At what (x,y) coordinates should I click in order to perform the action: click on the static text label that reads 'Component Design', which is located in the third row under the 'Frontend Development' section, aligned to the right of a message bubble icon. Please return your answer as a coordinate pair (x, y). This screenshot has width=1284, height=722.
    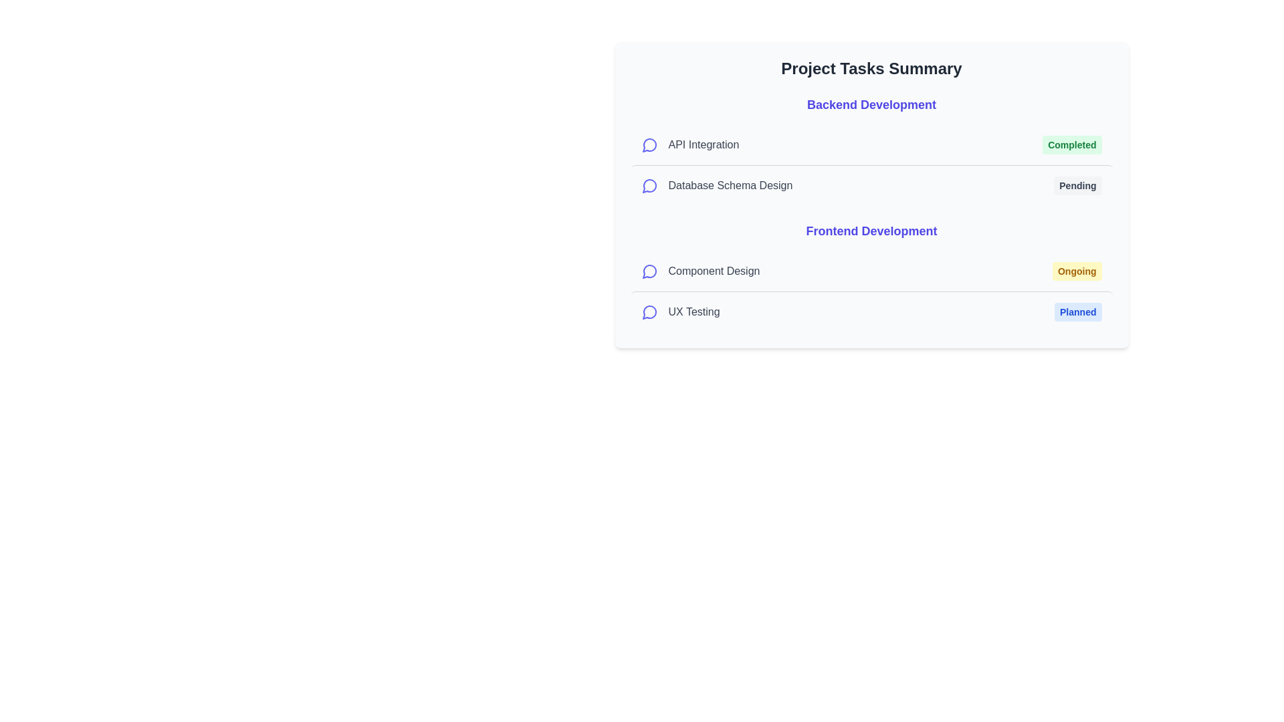
    Looking at the image, I should click on (713, 271).